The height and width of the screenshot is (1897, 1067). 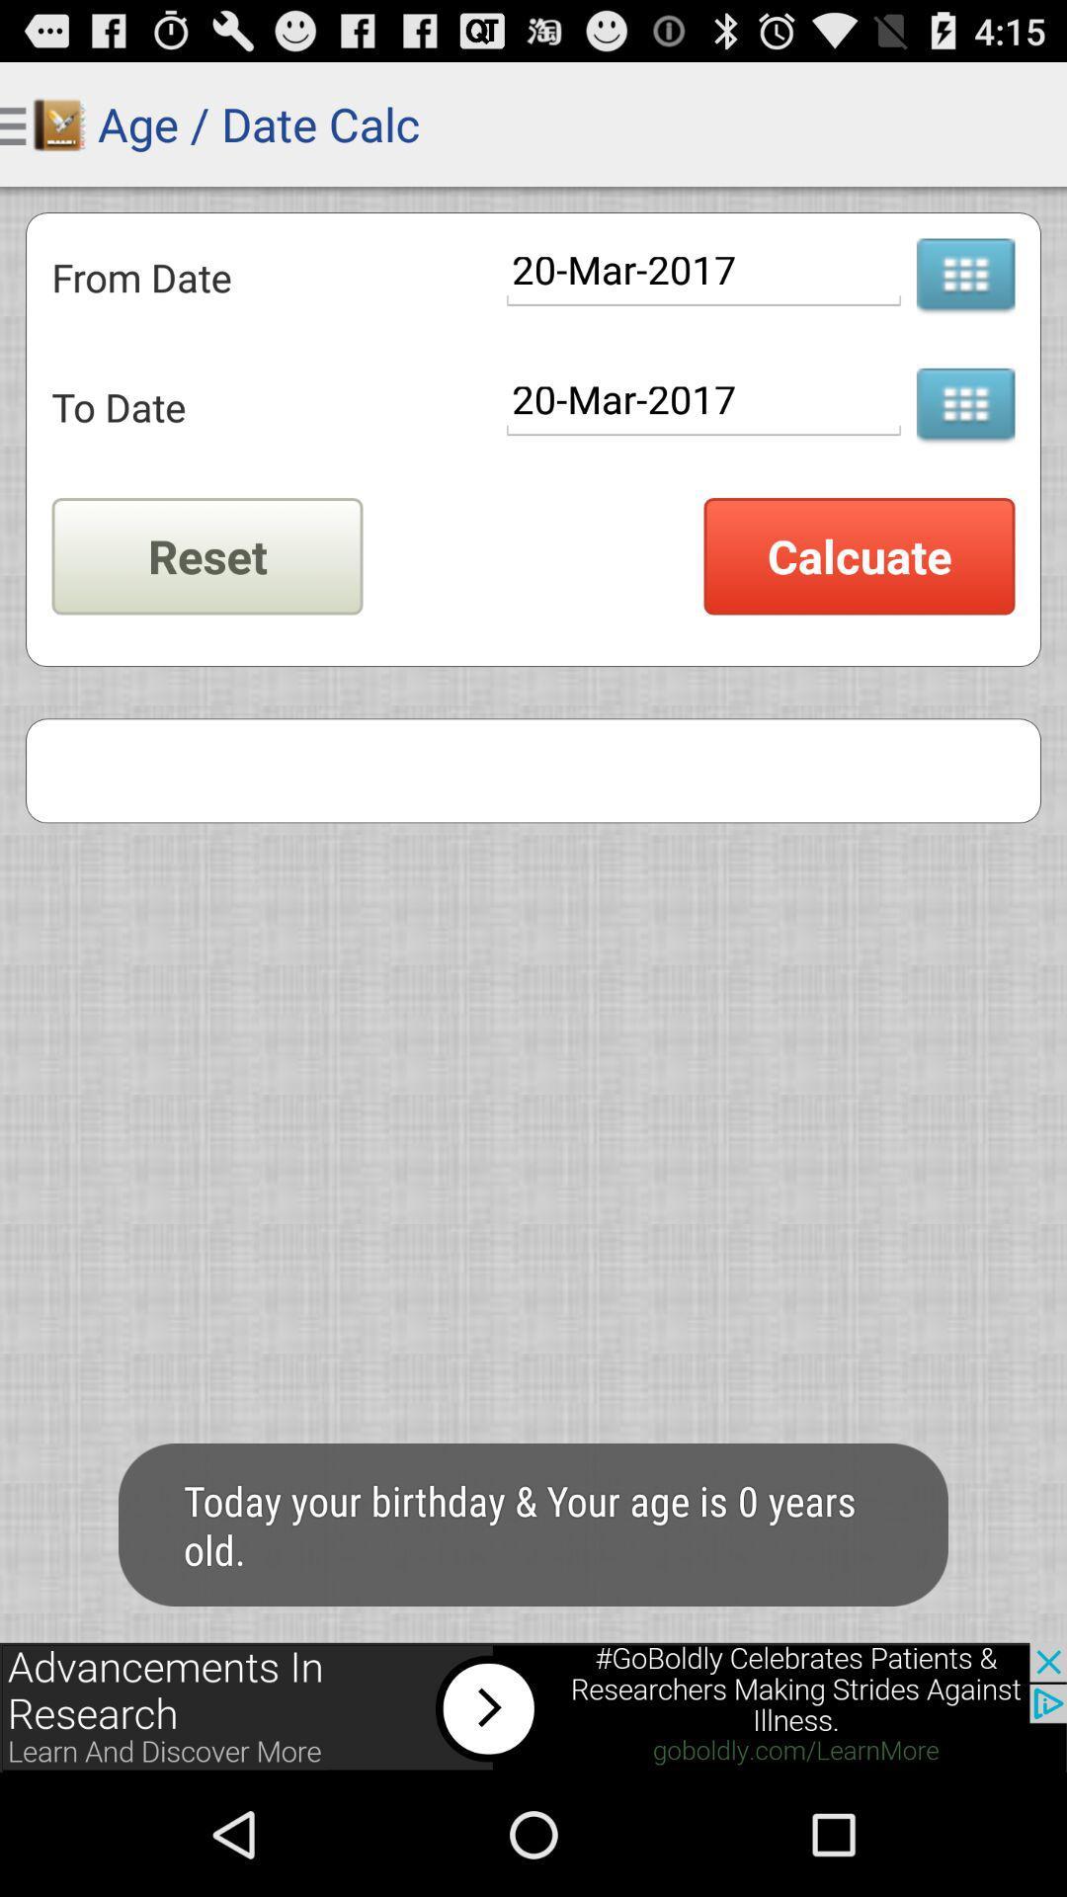 What do you see at coordinates (964, 276) in the screenshot?
I see `choose a date` at bounding box center [964, 276].